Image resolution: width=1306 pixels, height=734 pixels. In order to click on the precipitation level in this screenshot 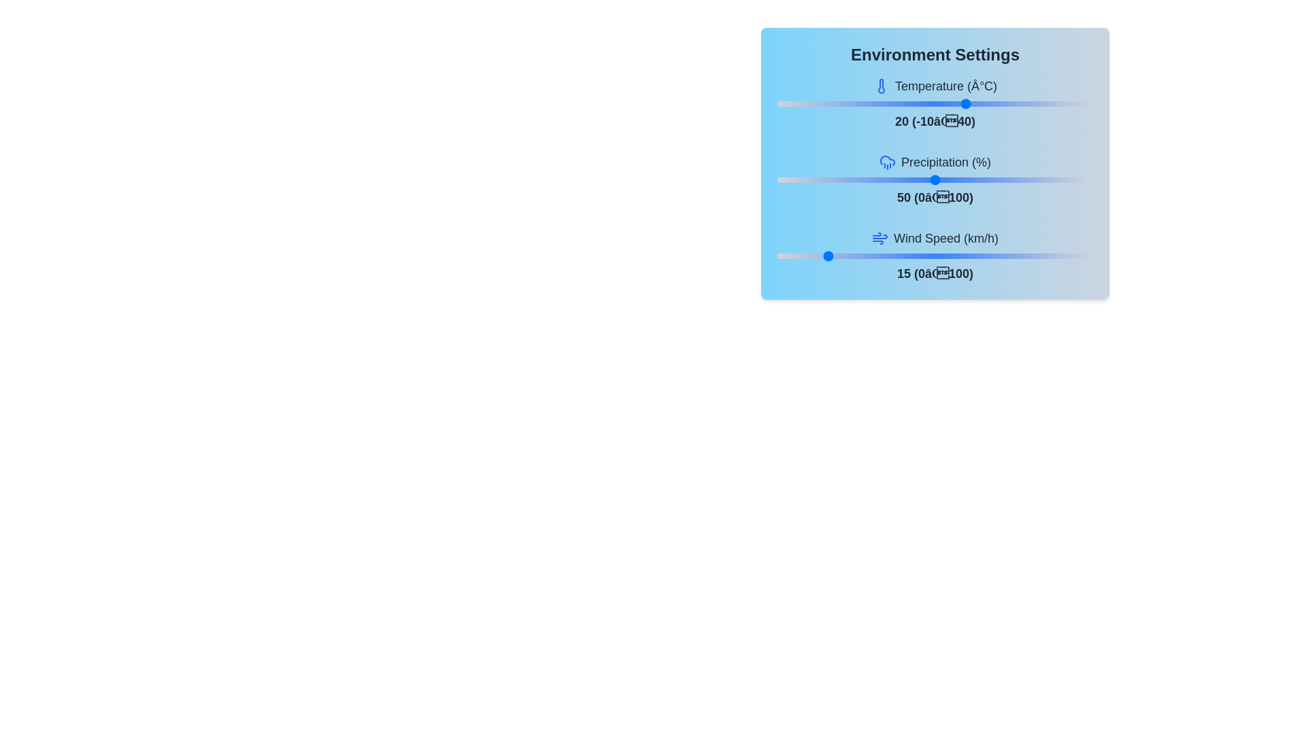, I will do `click(805, 179)`.